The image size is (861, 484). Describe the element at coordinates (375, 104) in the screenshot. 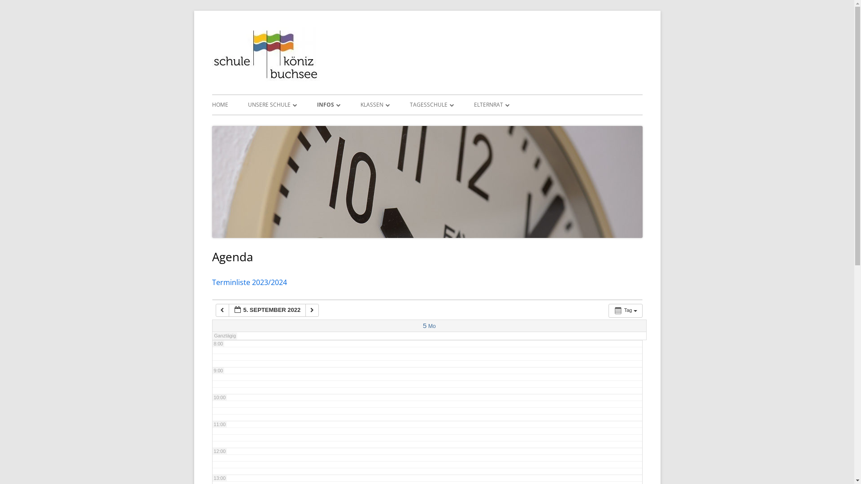

I see `'KLASSEN'` at that location.